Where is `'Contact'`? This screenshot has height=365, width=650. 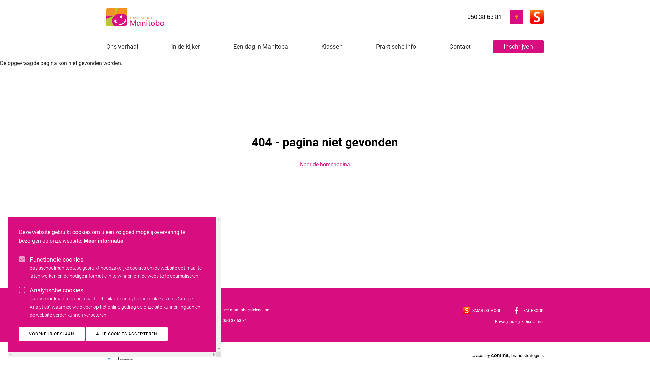
'Contact' is located at coordinates (460, 46).